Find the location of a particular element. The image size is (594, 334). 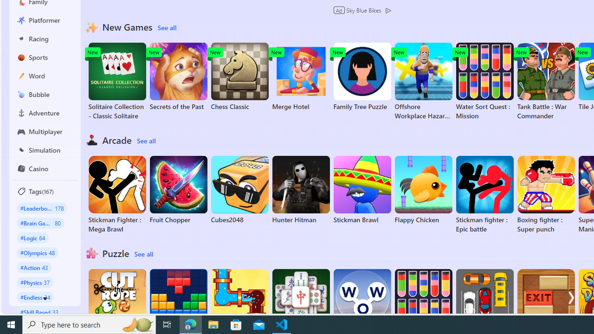

'Tank Battle : War Commander' is located at coordinates (546, 81).